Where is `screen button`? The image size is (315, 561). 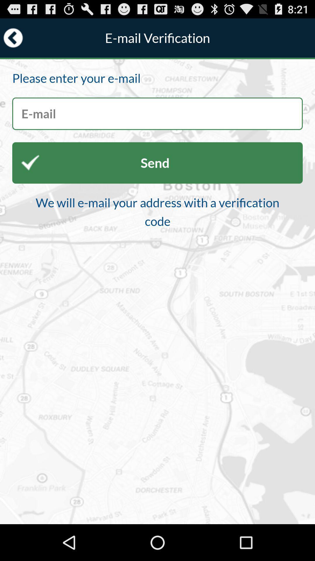
screen button is located at coordinates (157, 114).